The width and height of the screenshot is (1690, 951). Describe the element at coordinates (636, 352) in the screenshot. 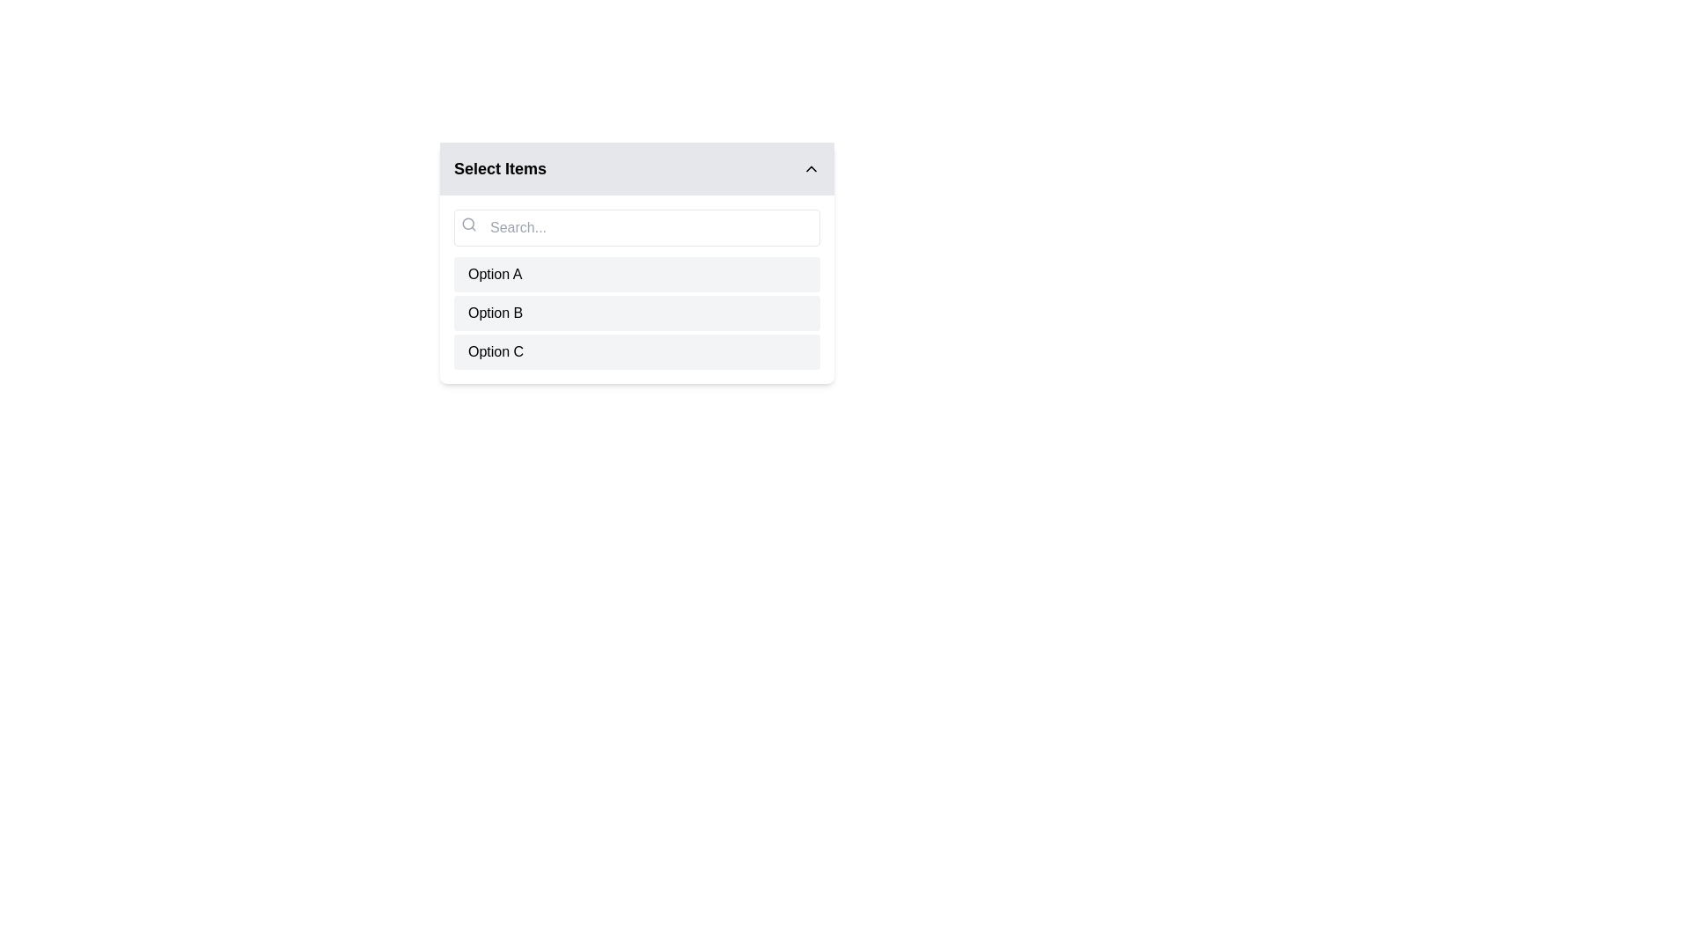

I see `on the third option in the vertically stacked list located below 'Option B'` at that location.